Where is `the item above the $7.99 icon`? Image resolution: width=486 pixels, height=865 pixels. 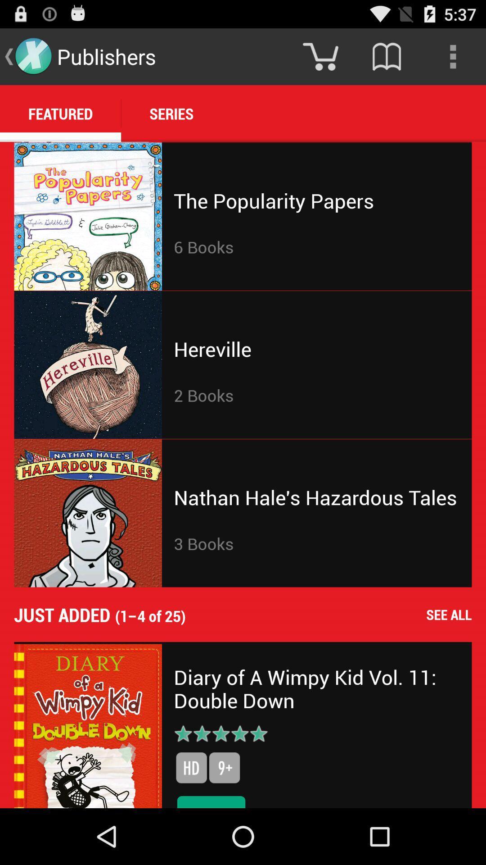 the item above the $7.99 icon is located at coordinates (191, 767).